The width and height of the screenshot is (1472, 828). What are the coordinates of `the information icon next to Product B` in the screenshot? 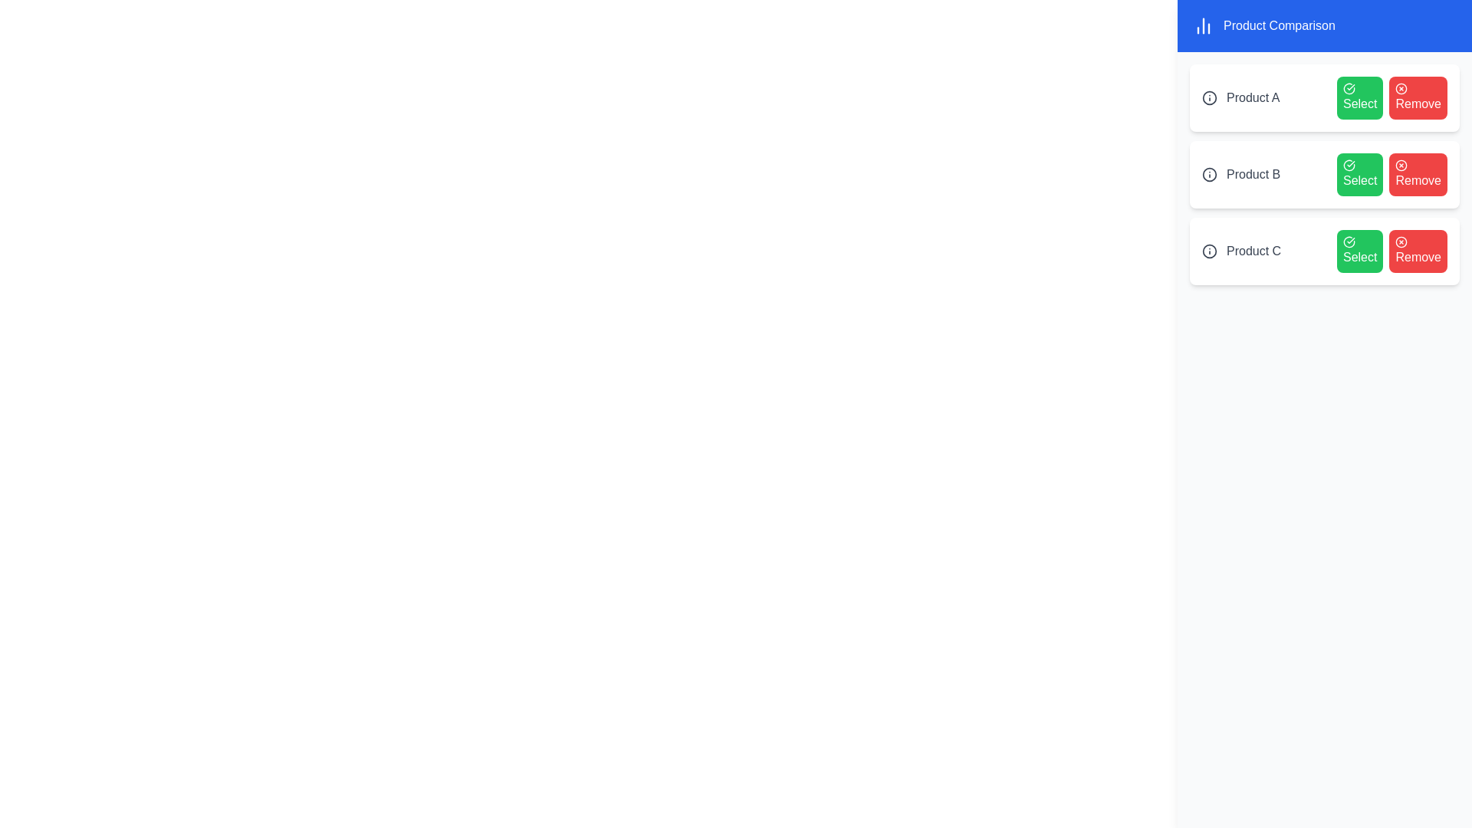 It's located at (1209, 173).